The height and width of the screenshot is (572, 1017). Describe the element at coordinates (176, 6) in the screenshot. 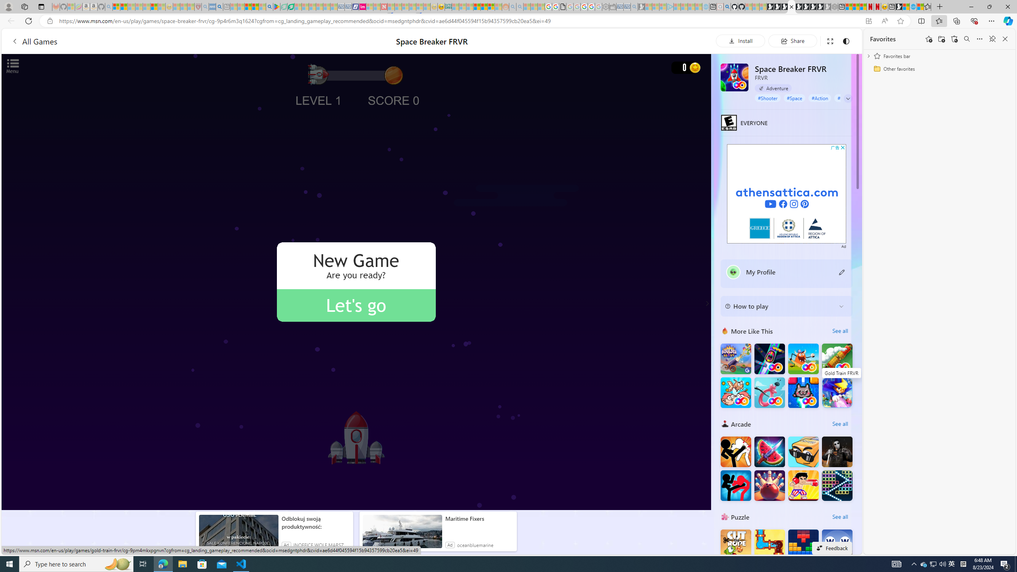

I see `'Recipes - MSN - Sleeping'` at that location.